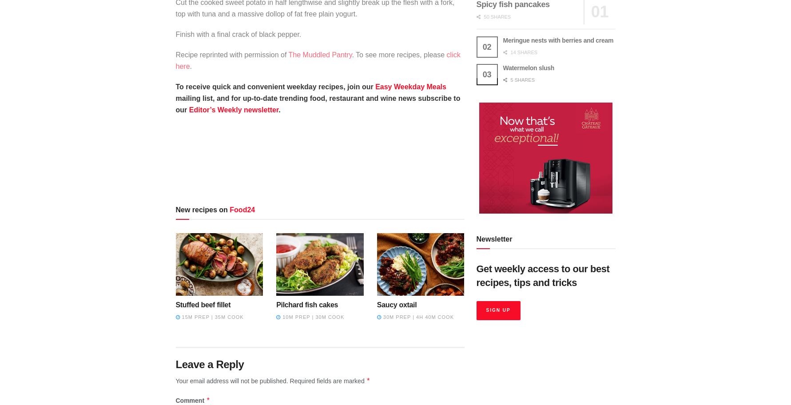  Describe the element at coordinates (493, 239) in the screenshot. I see `'Newsletter'` at that location.